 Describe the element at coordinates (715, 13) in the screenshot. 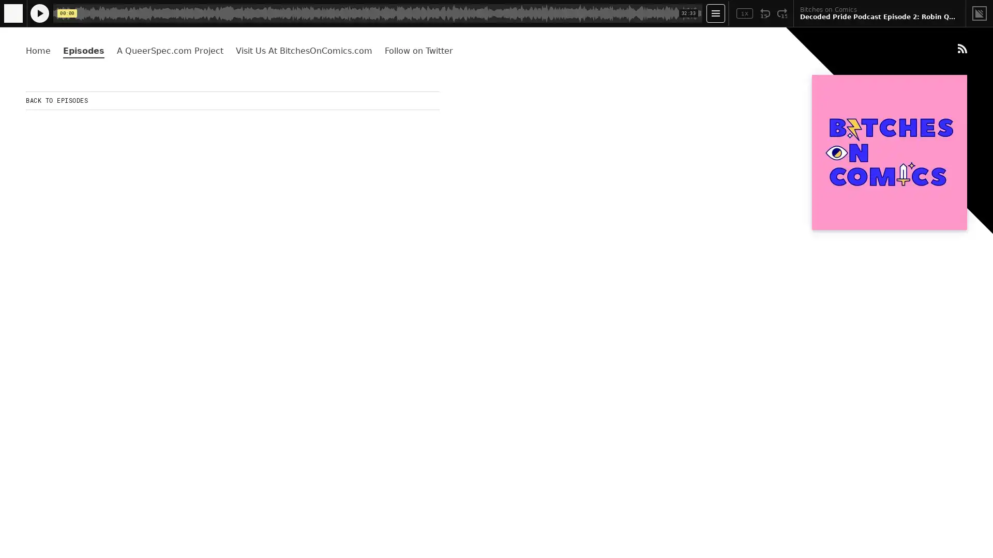

I see `Open Player Settings` at that location.